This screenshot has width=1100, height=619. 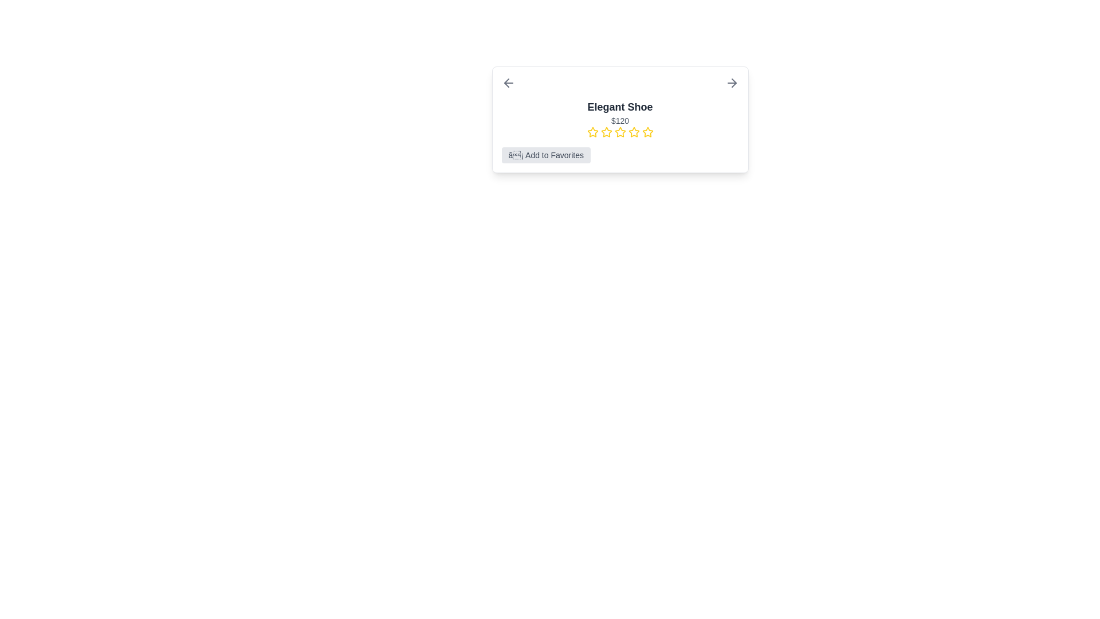 I want to click on the 'Add to Favorites' button with a light gray background, rounded edges, and heart icon, so click(x=545, y=155).